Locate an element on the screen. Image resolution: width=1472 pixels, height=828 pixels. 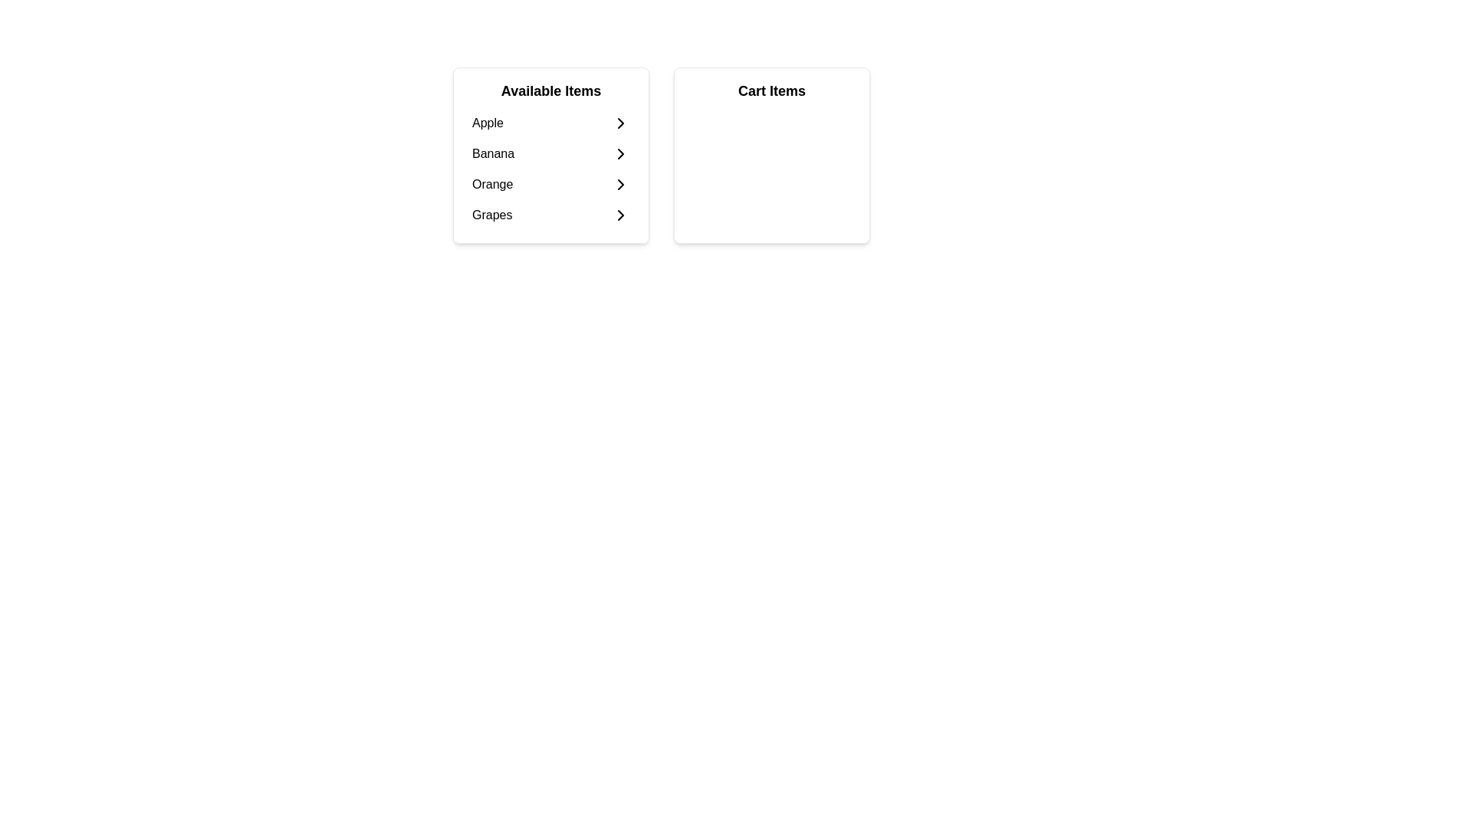
the right-facing arrow icon located at the far-right side of the 'Orange' row in the 'Available Items' menu is located at coordinates (621, 183).